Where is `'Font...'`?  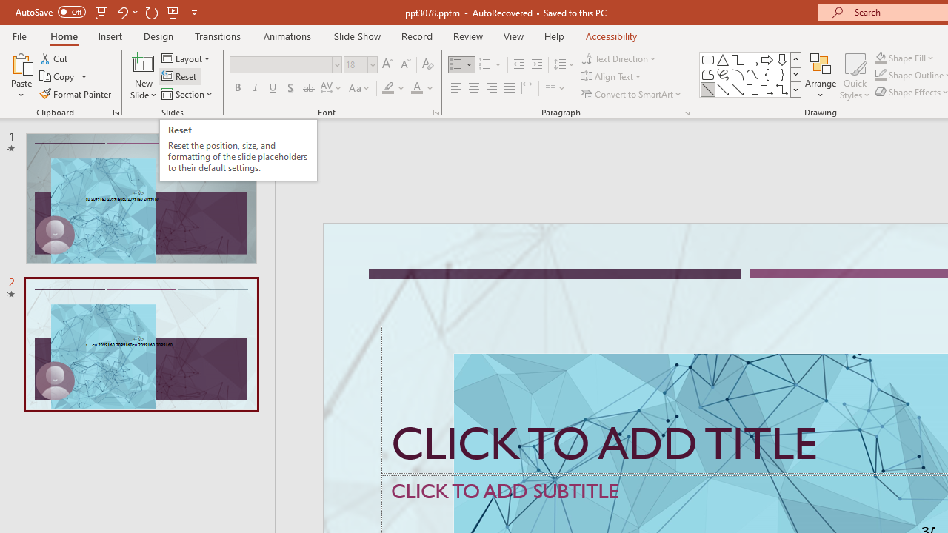
'Font...' is located at coordinates (435, 111).